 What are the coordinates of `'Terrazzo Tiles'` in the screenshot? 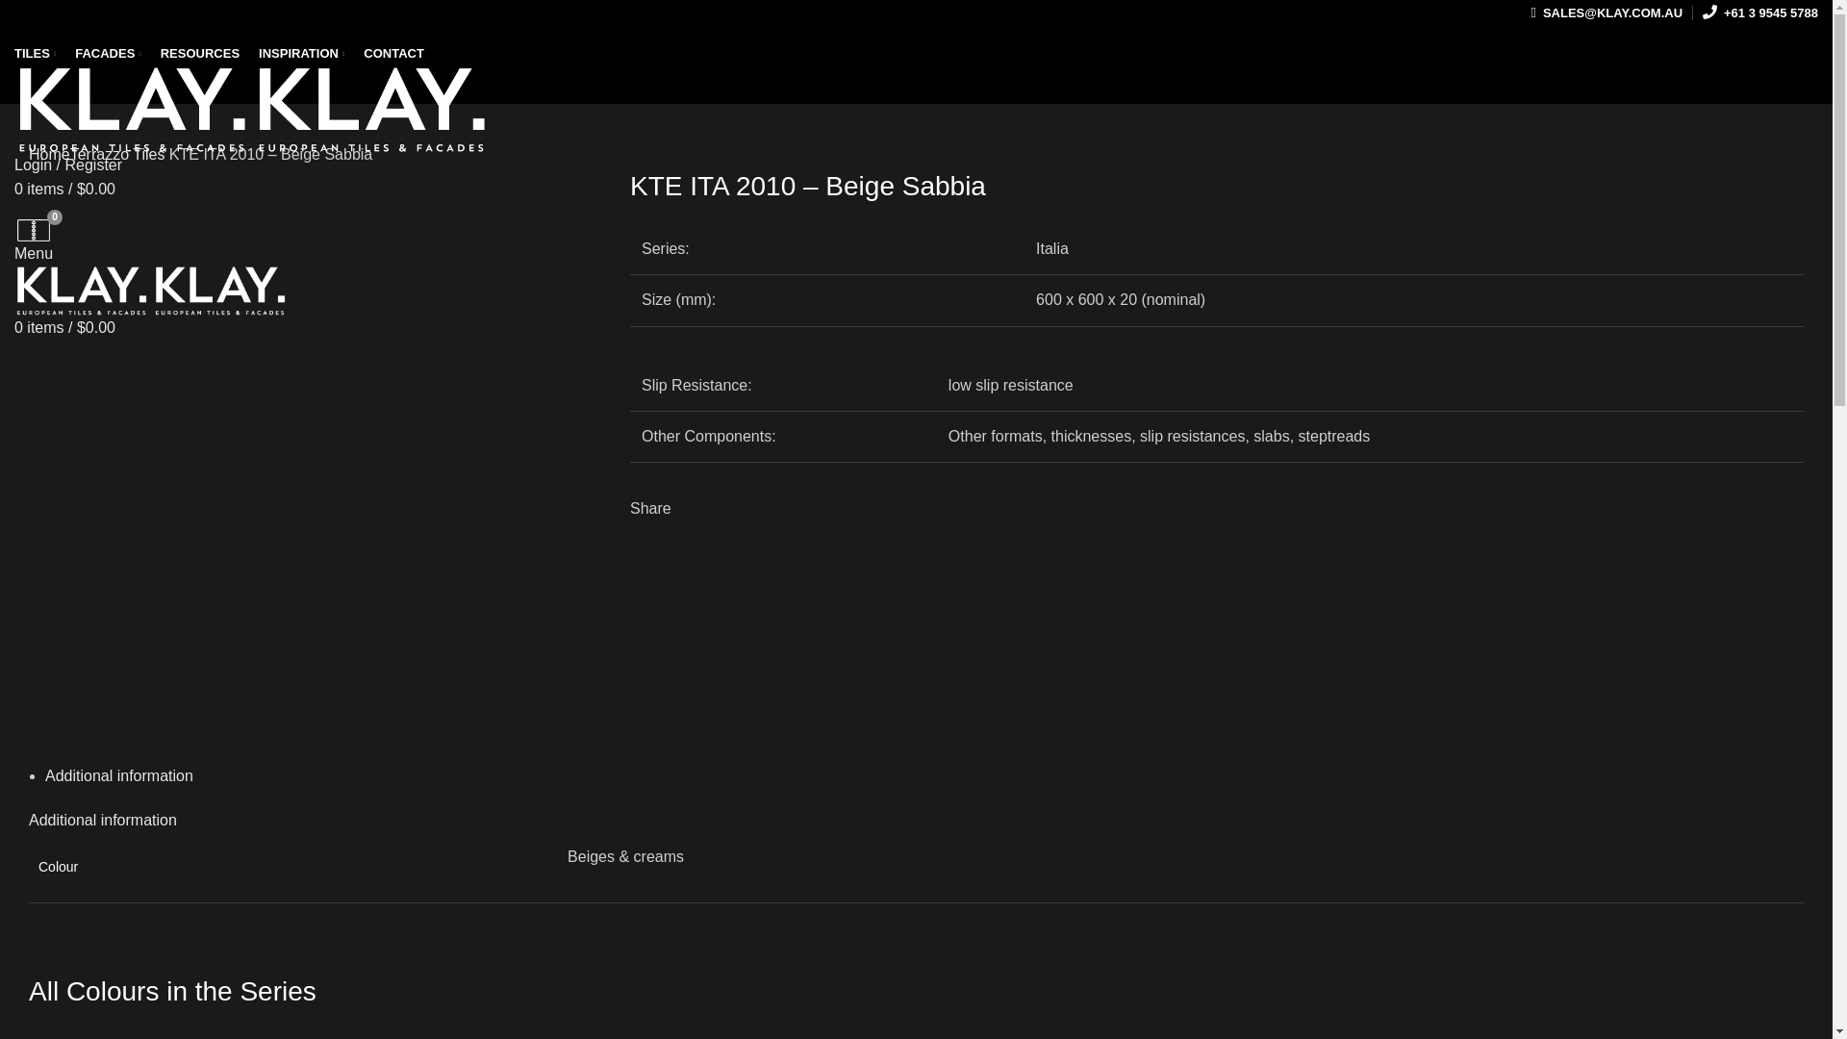 It's located at (116, 153).